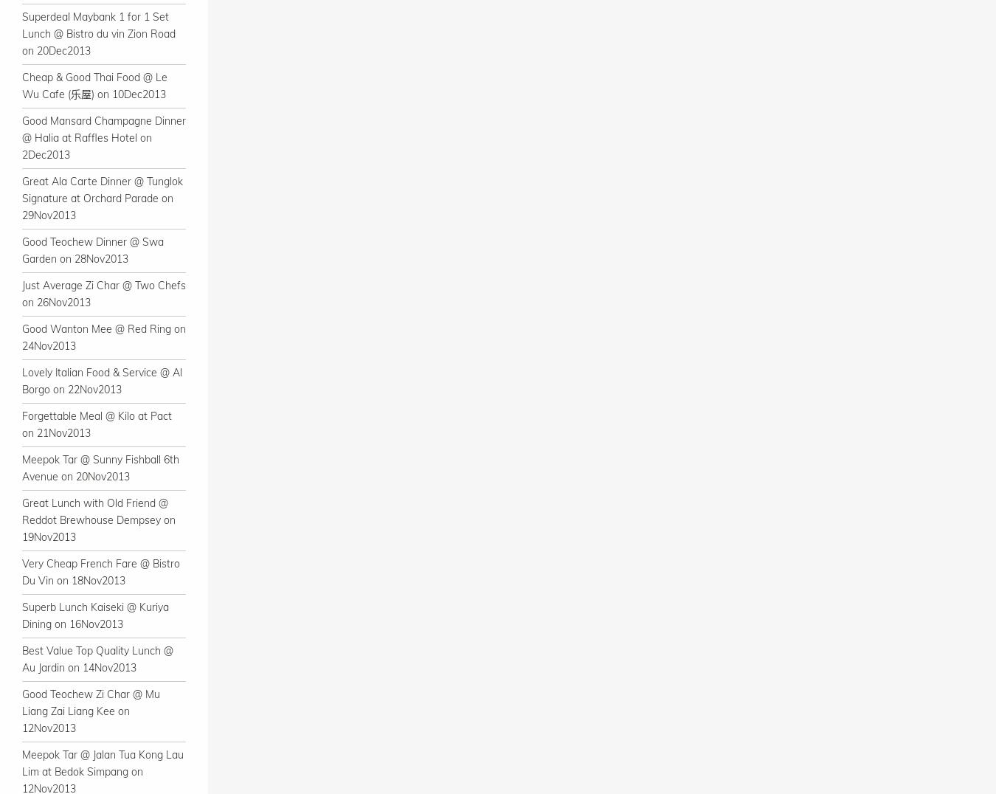 The image size is (996, 794). What do you see at coordinates (99, 519) in the screenshot?
I see `'Great Lunch with Old Friend @ Reddot Brewhouse Dempsey on 19Nov2013'` at bounding box center [99, 519].